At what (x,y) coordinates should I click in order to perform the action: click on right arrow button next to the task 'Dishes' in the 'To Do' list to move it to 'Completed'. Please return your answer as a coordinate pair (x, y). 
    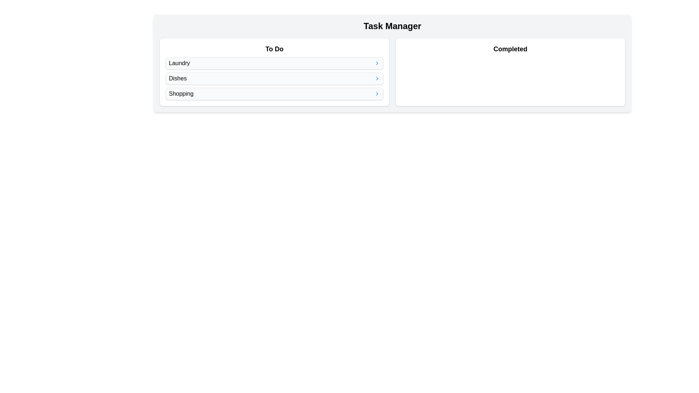
    Looking at the image, I should click on (377, 79).